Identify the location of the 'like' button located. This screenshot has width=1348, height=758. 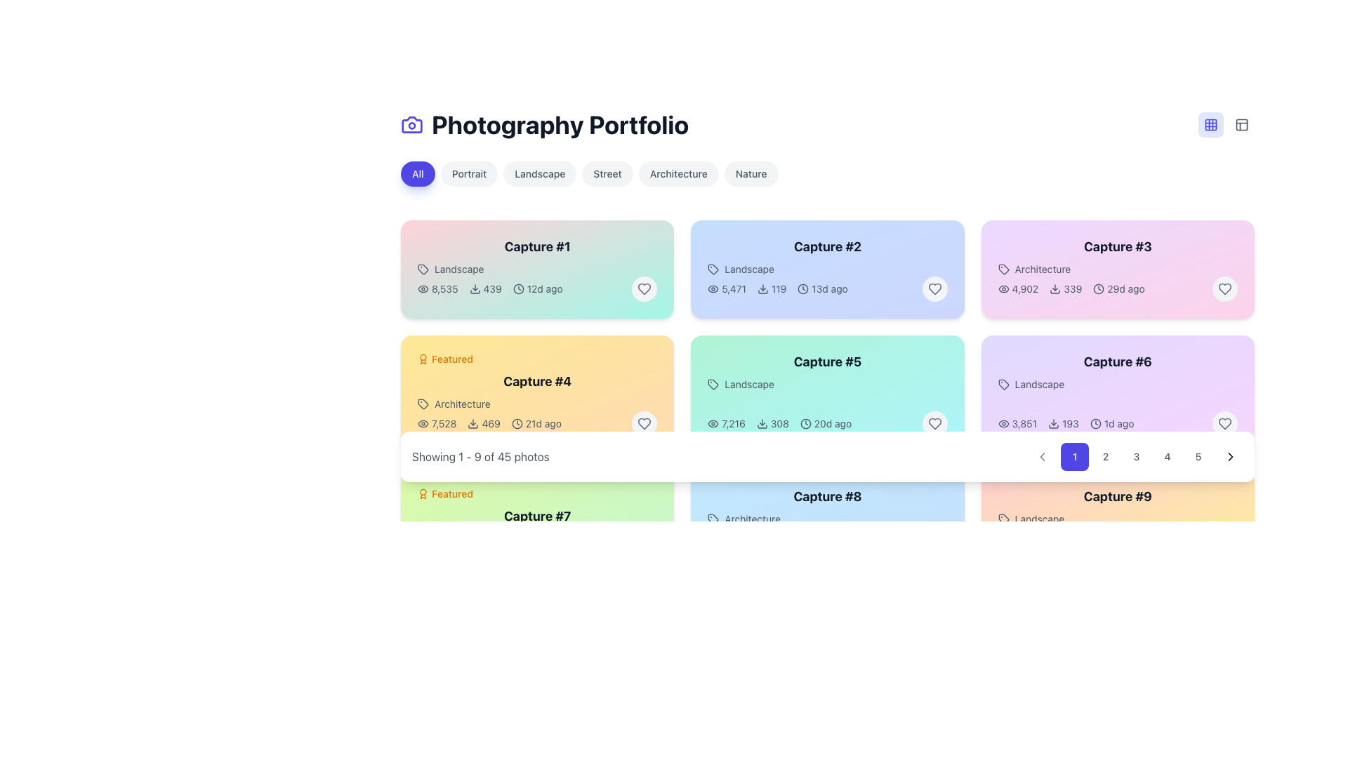
(1224, 423).